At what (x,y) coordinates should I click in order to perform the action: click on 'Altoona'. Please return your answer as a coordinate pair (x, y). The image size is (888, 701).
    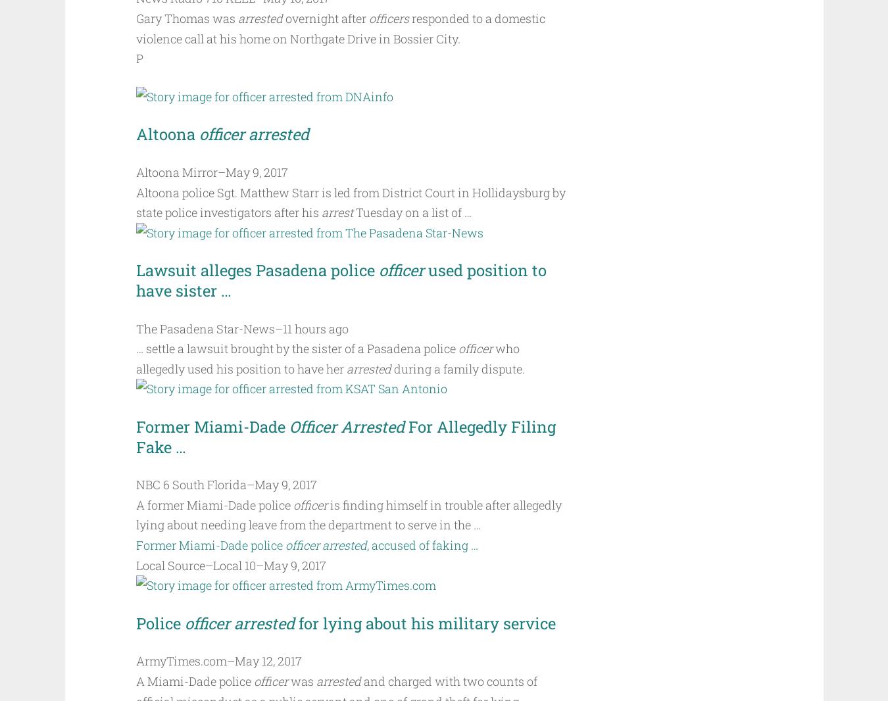
    Looking at the image, I should click on (166, 133).